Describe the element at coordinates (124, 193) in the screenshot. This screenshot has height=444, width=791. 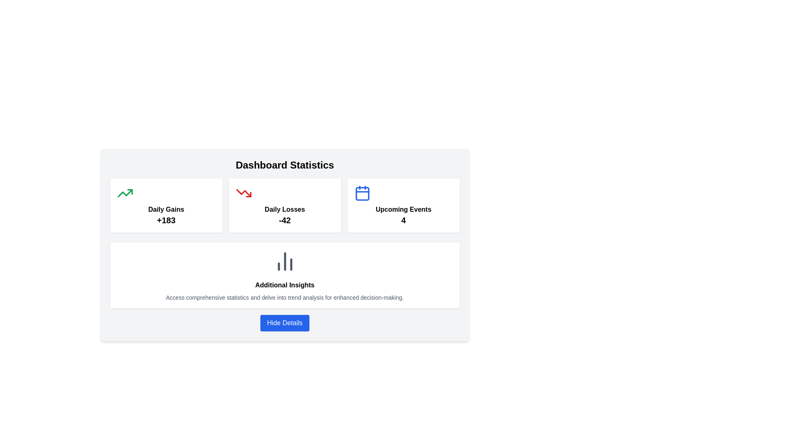
I see `the positive trend icon located within the 'Daily Gains' card, positioned to the left of the text label and numerical indicator` at that location.